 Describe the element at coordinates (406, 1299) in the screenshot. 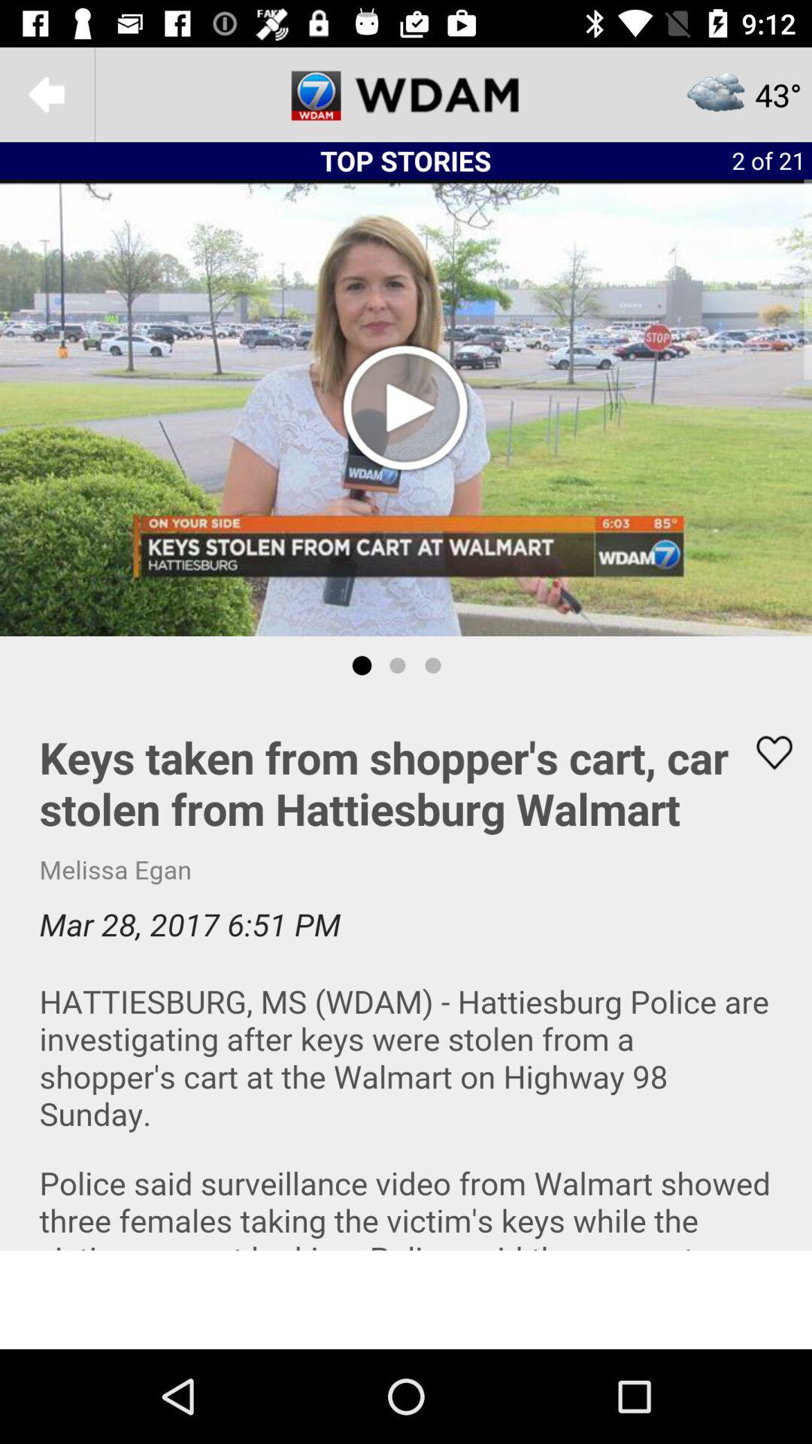

I see `click the bottom of the screen` at that location.